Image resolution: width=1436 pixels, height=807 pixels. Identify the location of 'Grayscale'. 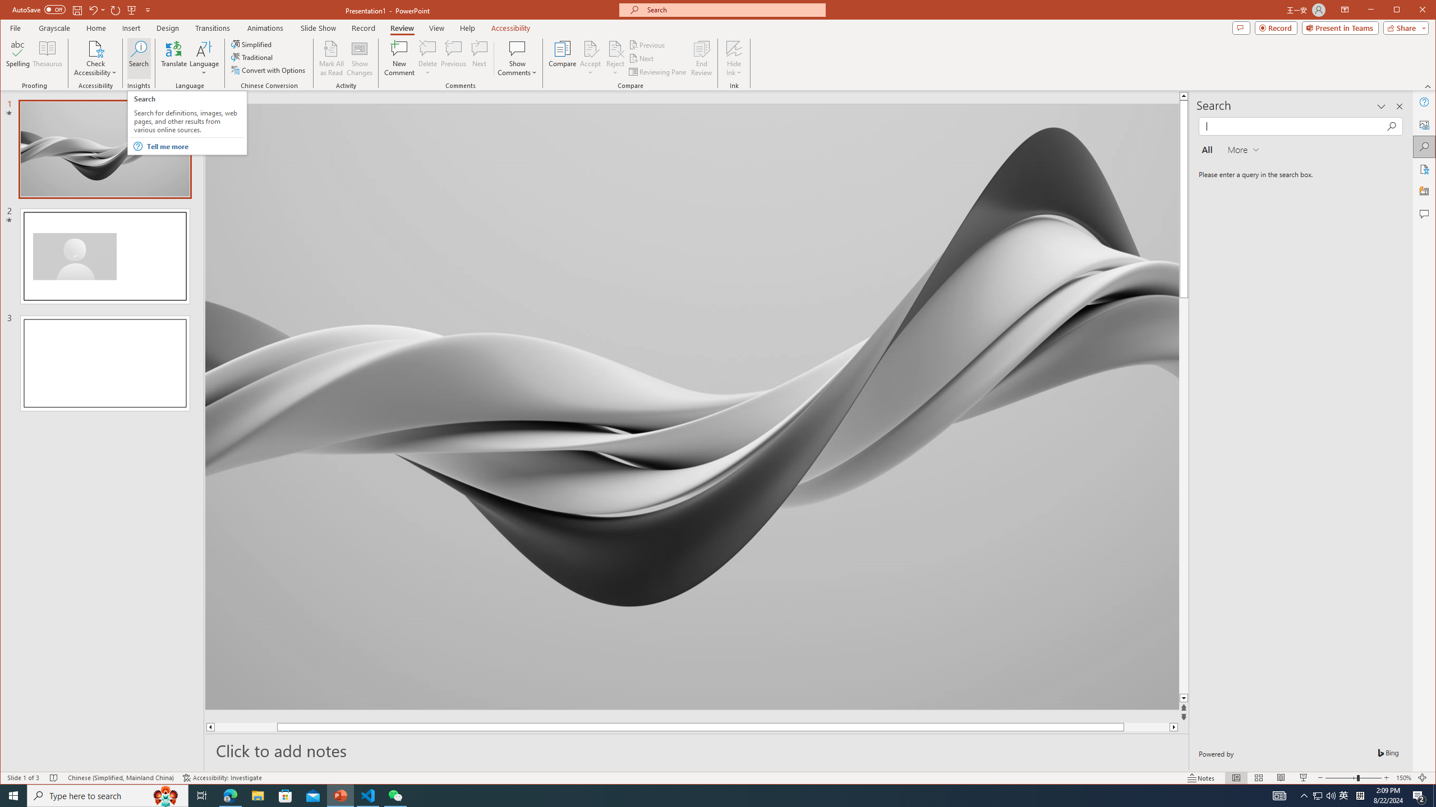
(54, 27).